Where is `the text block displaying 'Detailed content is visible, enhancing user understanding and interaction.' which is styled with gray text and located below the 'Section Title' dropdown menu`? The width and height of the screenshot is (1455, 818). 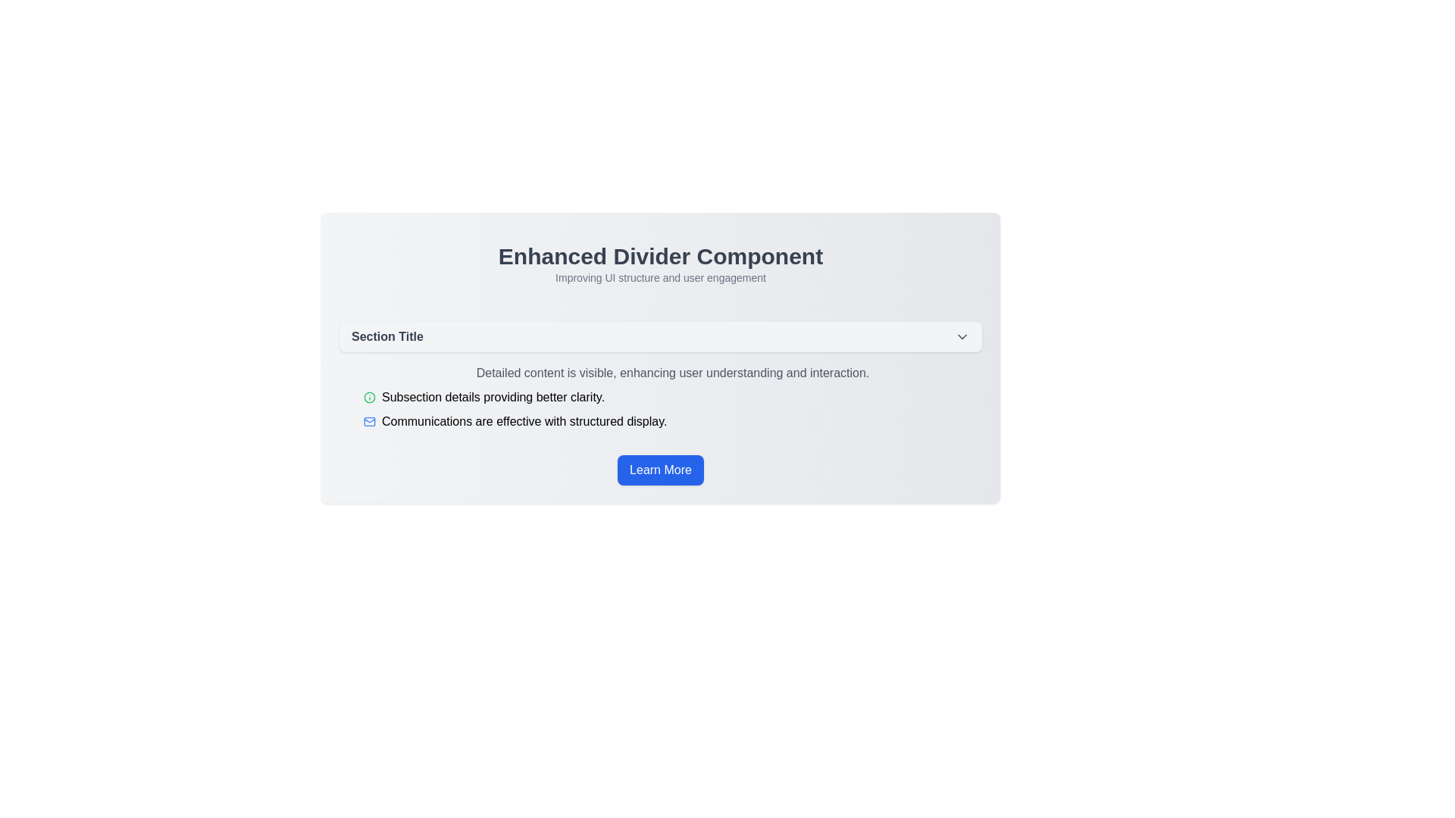
the text block displaying 'Detailed content is visible, enhancing user understanding and interaction.' which is styled with gray text and located below the 'Section Title' dropdown menu is located at coordinates (672, 373).